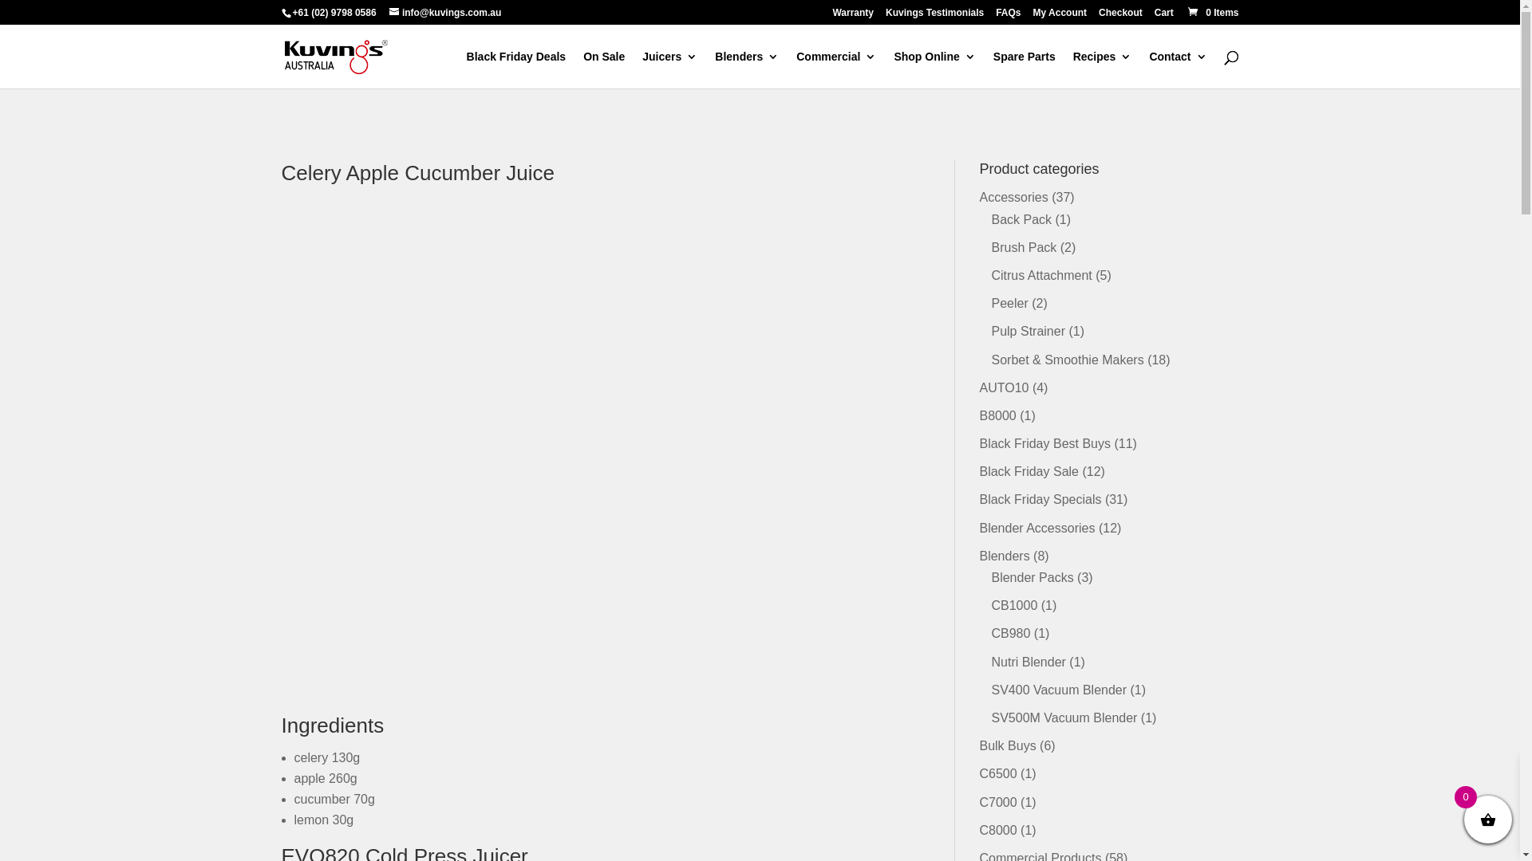 This screenshot has height=861, width=1532. I want to click on 'On Sale', so click(603, 69).